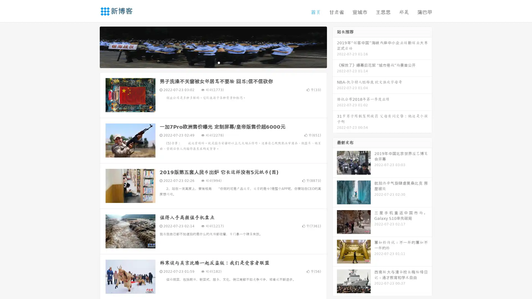  I want to click on Next slide, so click(335, 47).